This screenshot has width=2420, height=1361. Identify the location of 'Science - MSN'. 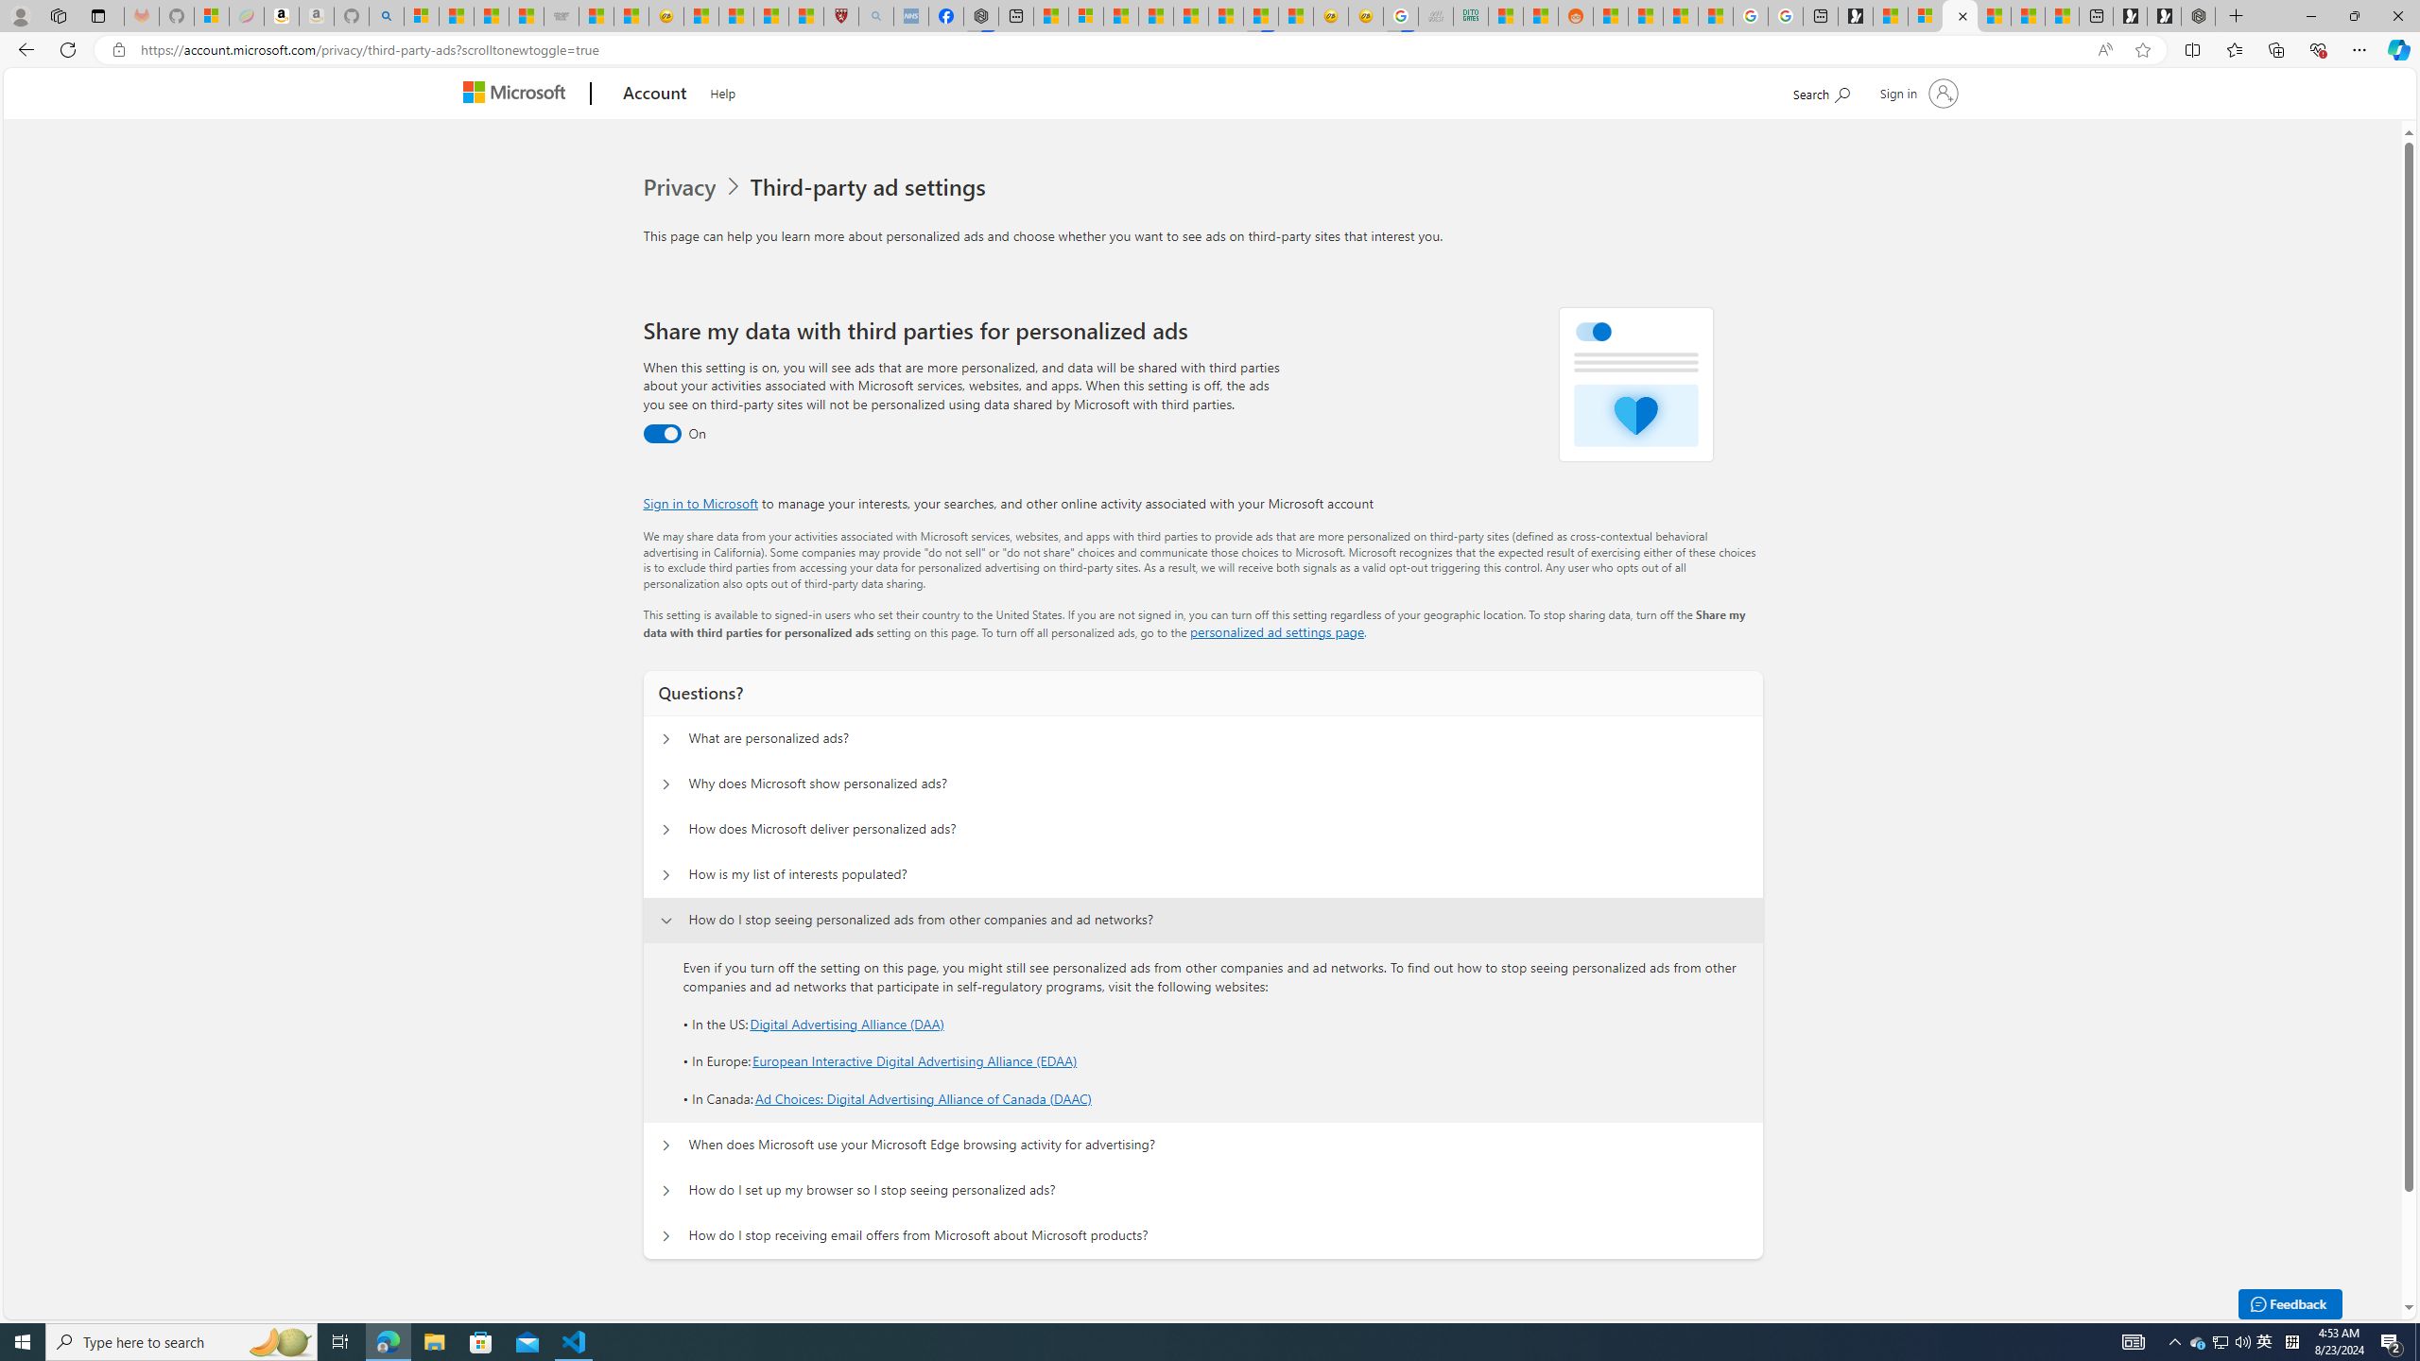
(770, 15).